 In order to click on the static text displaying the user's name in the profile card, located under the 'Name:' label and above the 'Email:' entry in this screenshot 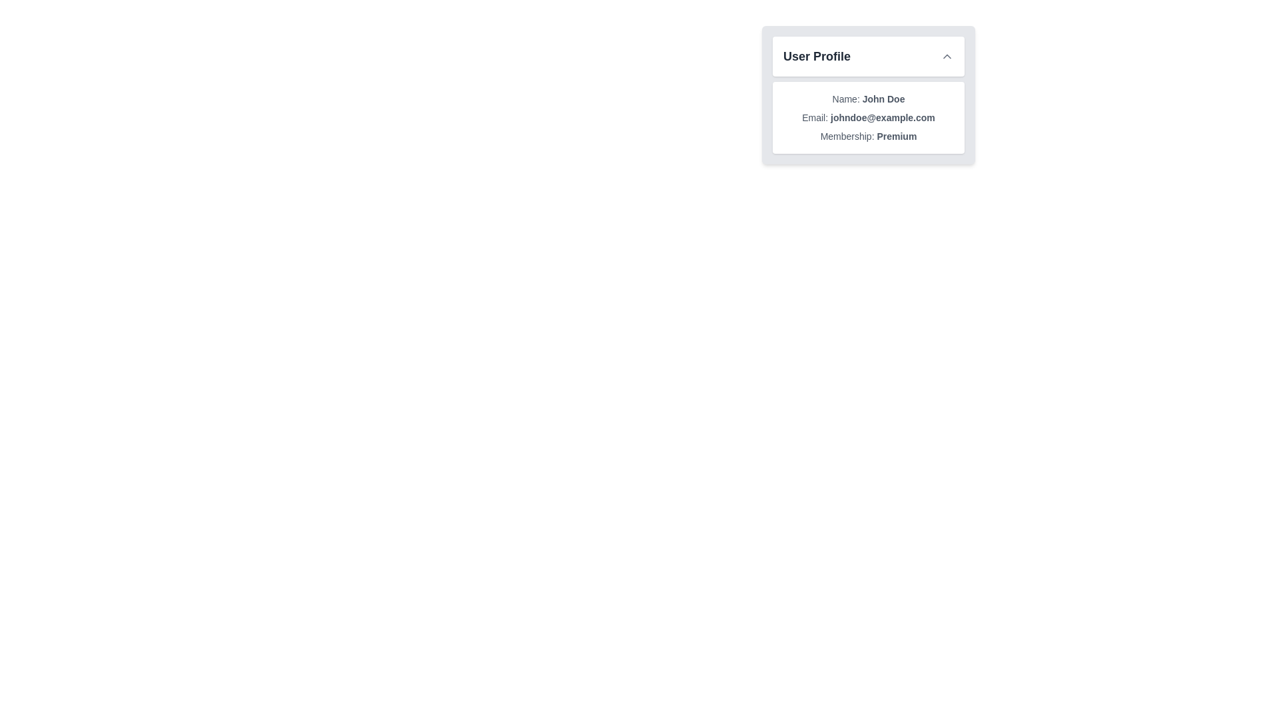, I will do `click(883, 99)`.